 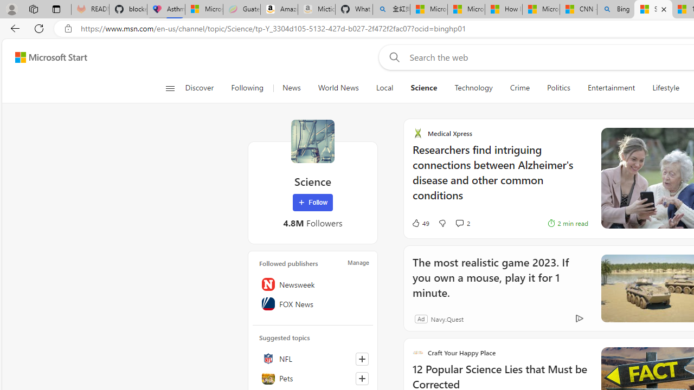 I want to click on 'Local', so click(x=384, y=88).